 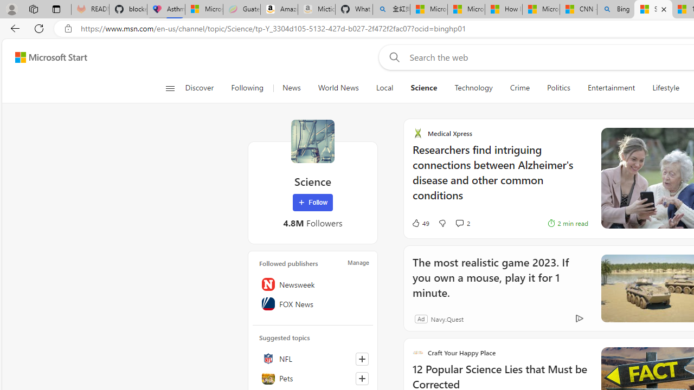 I want to click on 'Local', so click(x=384, y=88).